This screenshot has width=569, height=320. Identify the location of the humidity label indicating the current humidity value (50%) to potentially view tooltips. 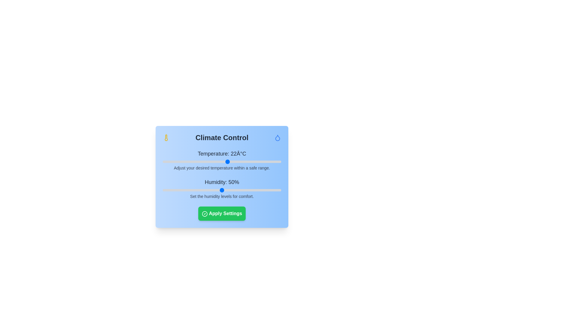
(221, 182).